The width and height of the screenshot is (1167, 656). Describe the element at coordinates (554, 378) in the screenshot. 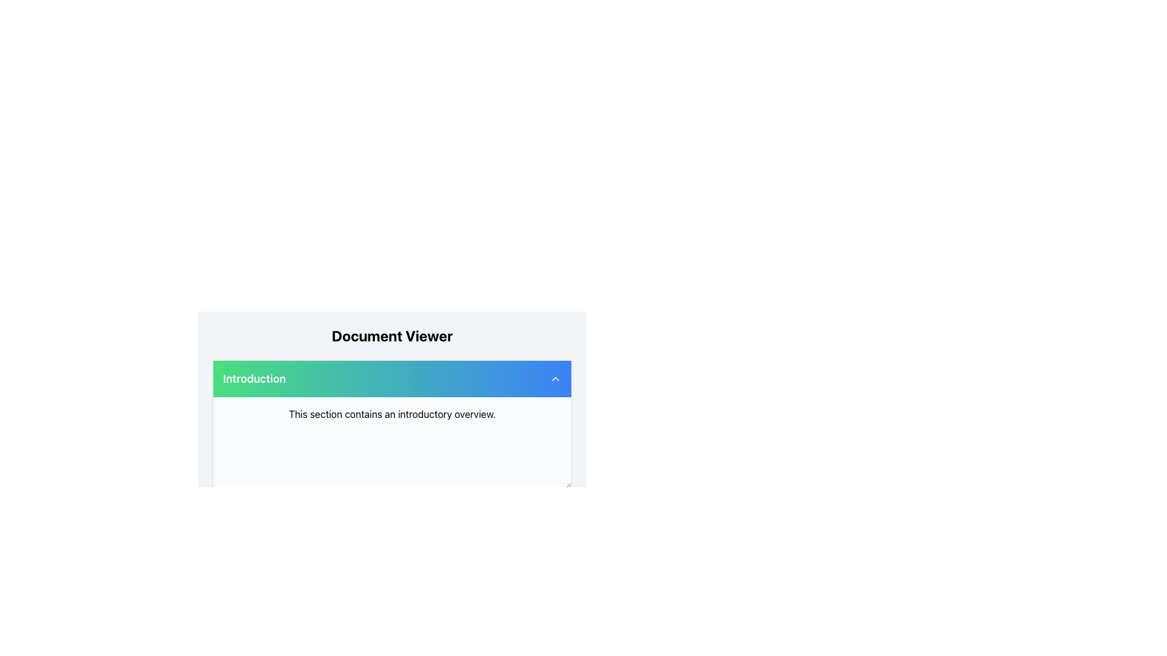

I see `the Icon button located on the right edge of the 'Introduction' section bar` at that location.